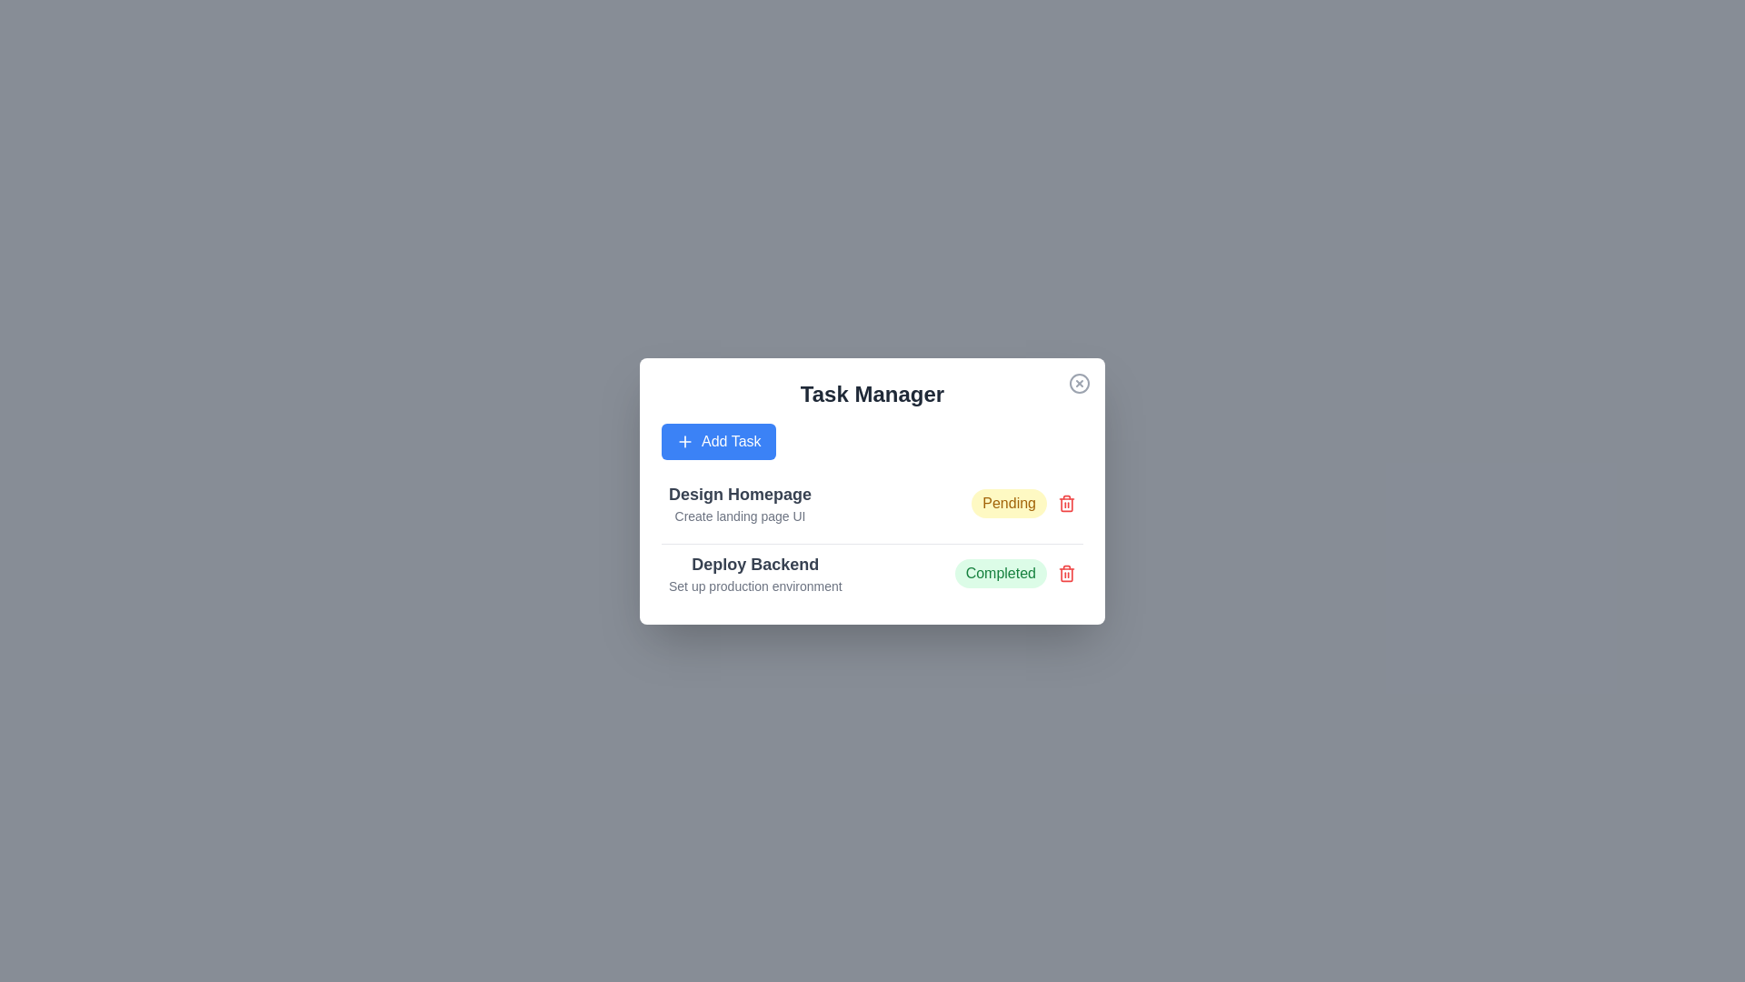 Image resolution: width=1745 pixels, height=982 pixels. Describe the element at coordinates (1014, 573) in the screenshot. I see `the 'Completed' status indicator tag, which is a pill-shaped tag with a green background and bold text, located in the 'Task Manager' card layout within the 'Deploy Backend' task row` at that location.